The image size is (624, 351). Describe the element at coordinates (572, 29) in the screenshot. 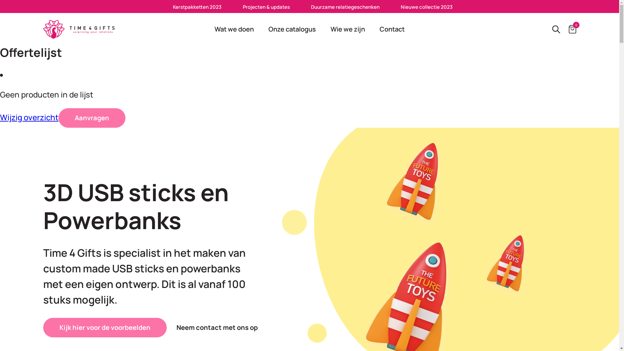

I see `'0'` at that location.